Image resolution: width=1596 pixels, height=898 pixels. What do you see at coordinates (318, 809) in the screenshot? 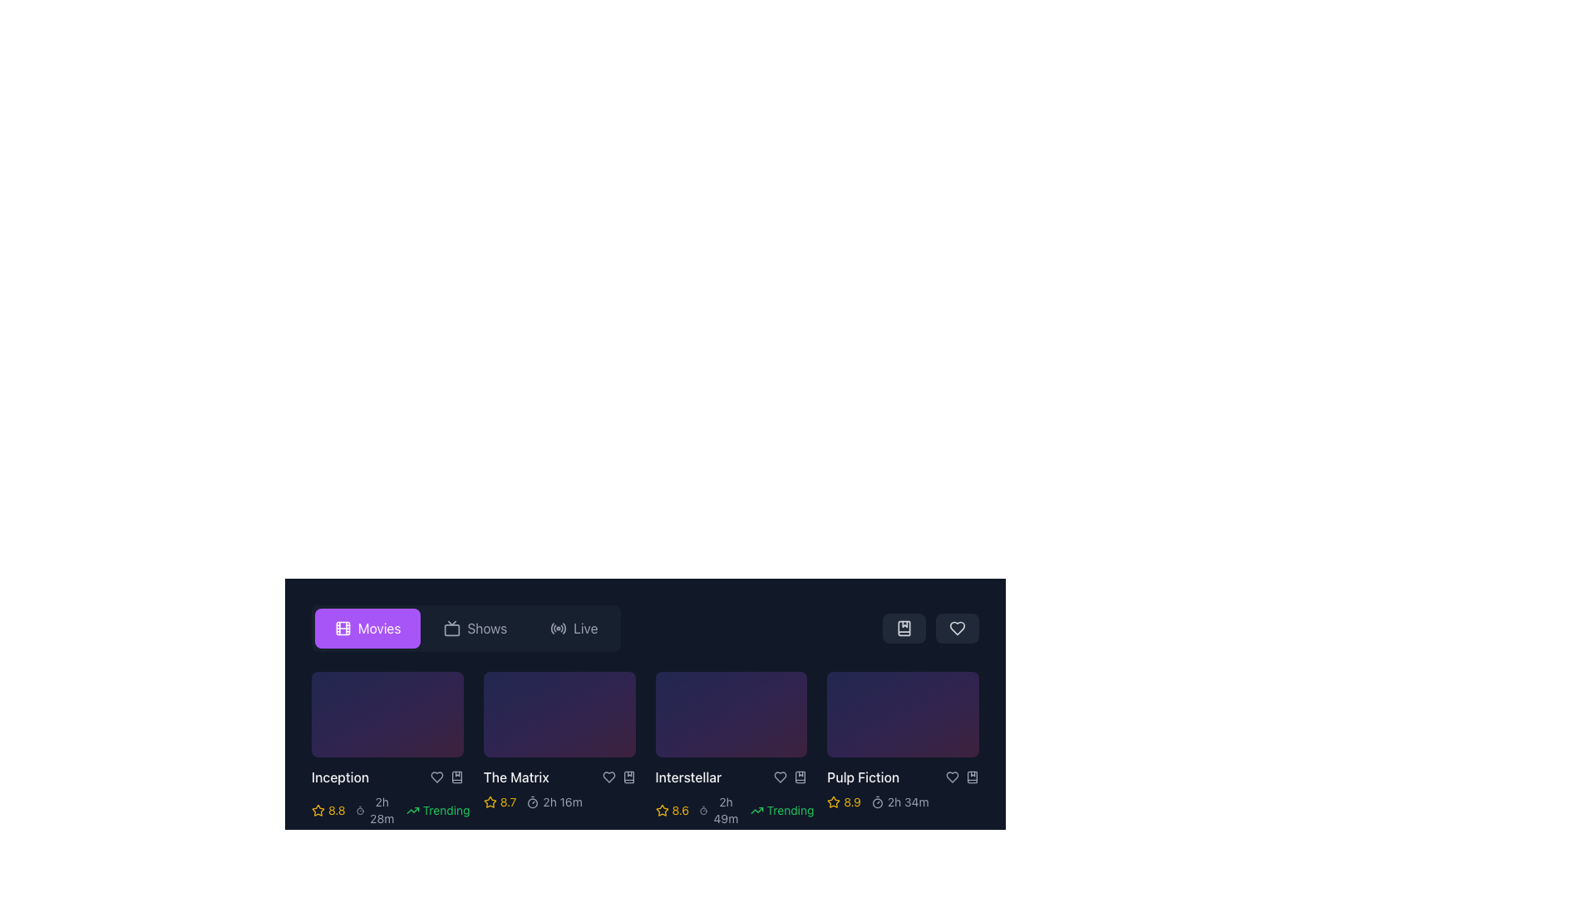
I see `the rating icon that visually represents the significance of the numerical rating '8.8' for the movie 'Inception'` at bounding box center [318, 809].